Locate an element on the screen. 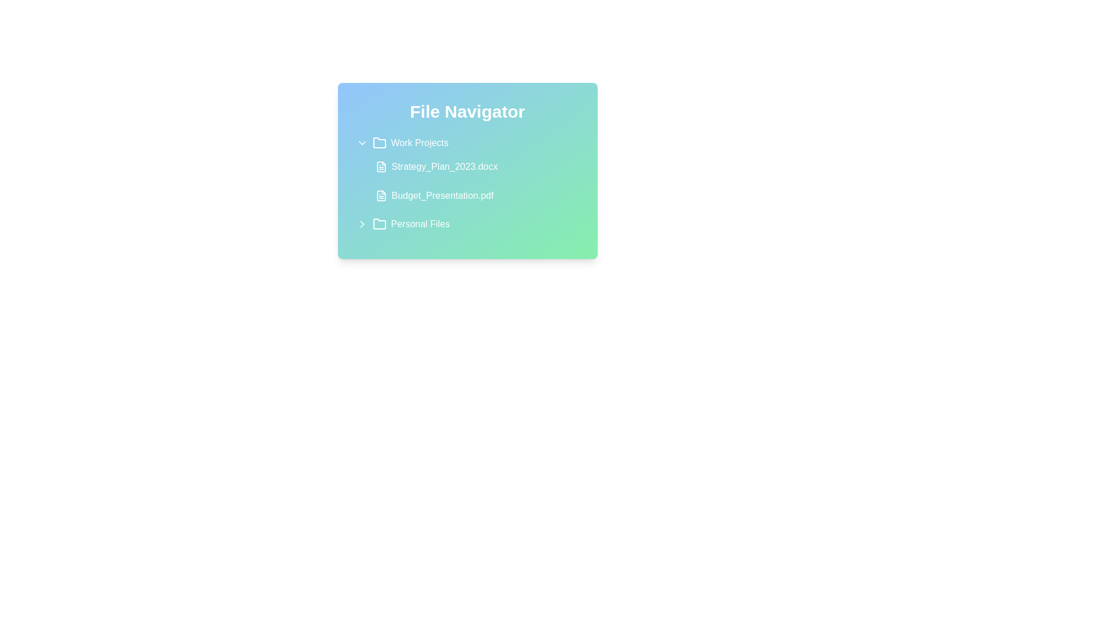 The height and width of the screenshot is (626, 1113). the file Strategy_Plan_2023.docx to see its hover effect is located at coordinates (474, 167).